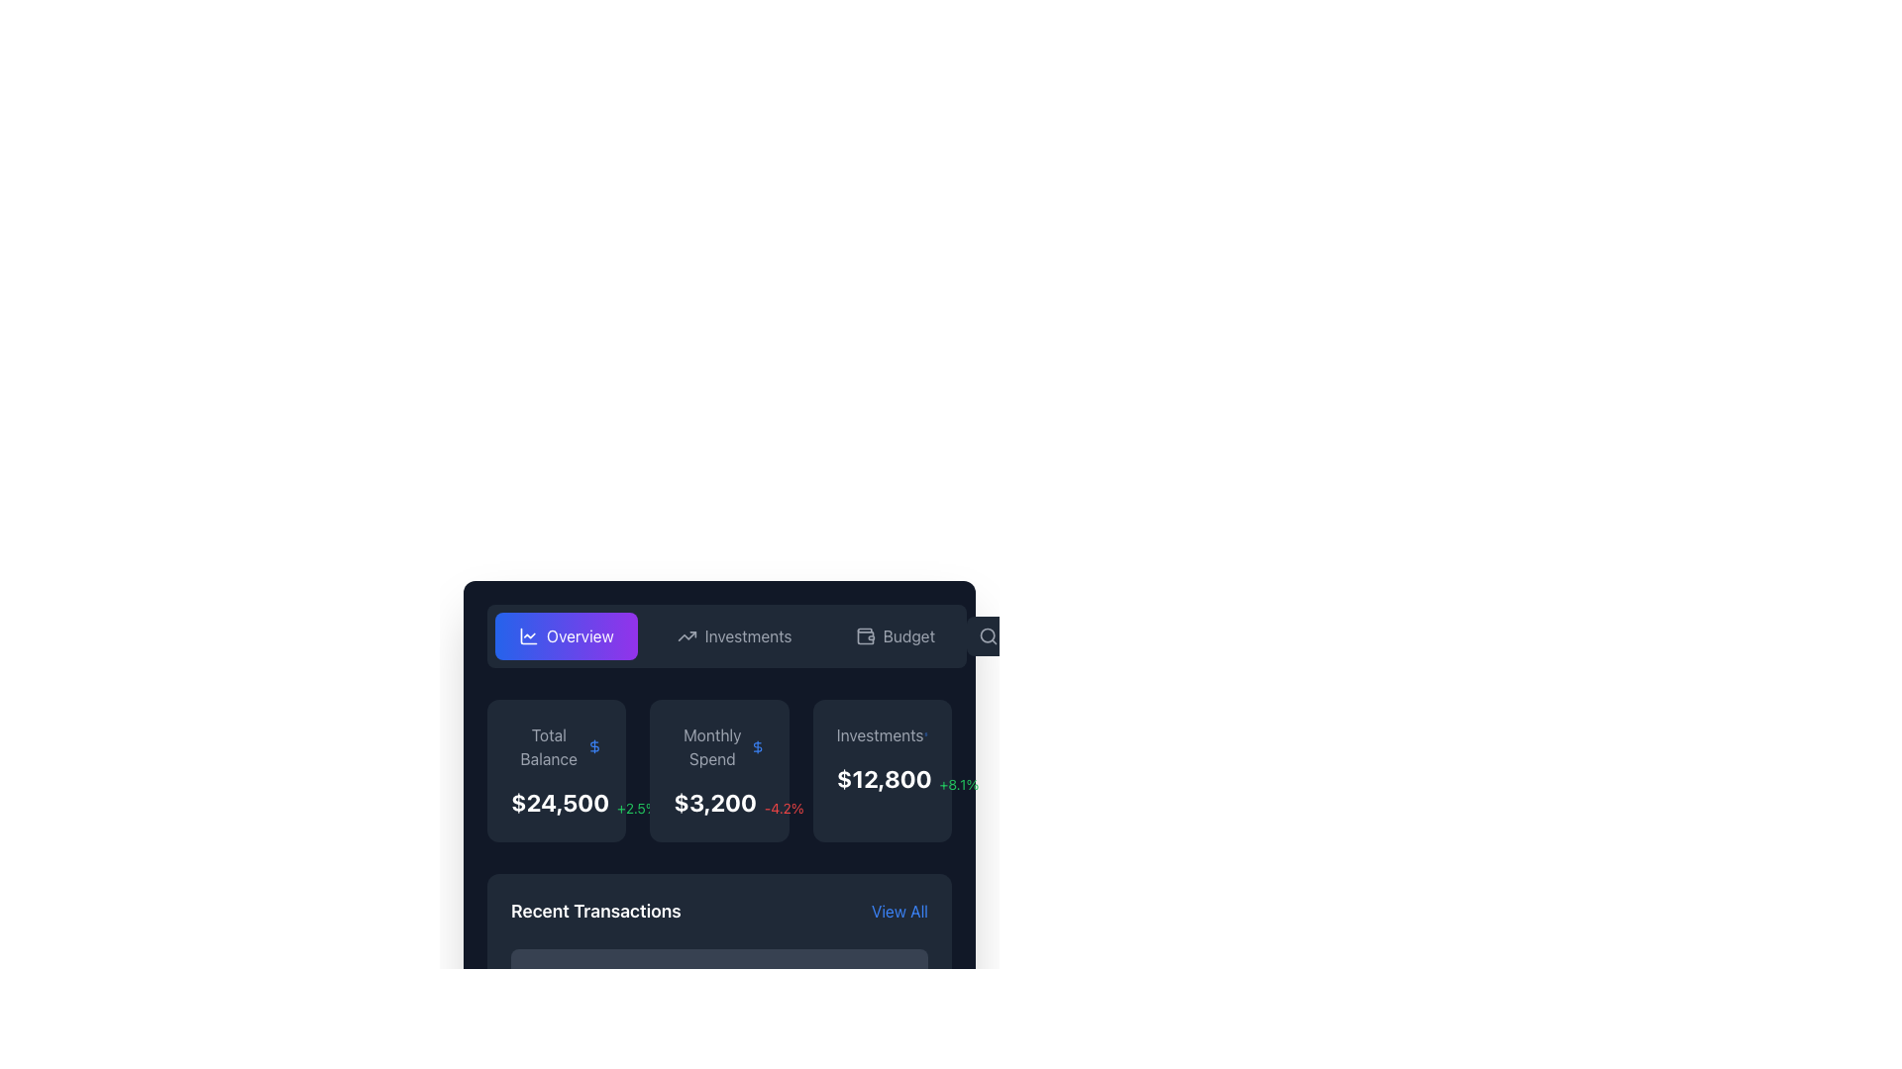 The height and width of the screenshot is (1069, 1902). I want to click on the 'Overview' icon located in the top left corner of the dashboard's main navigation bar, so click(528, 636).